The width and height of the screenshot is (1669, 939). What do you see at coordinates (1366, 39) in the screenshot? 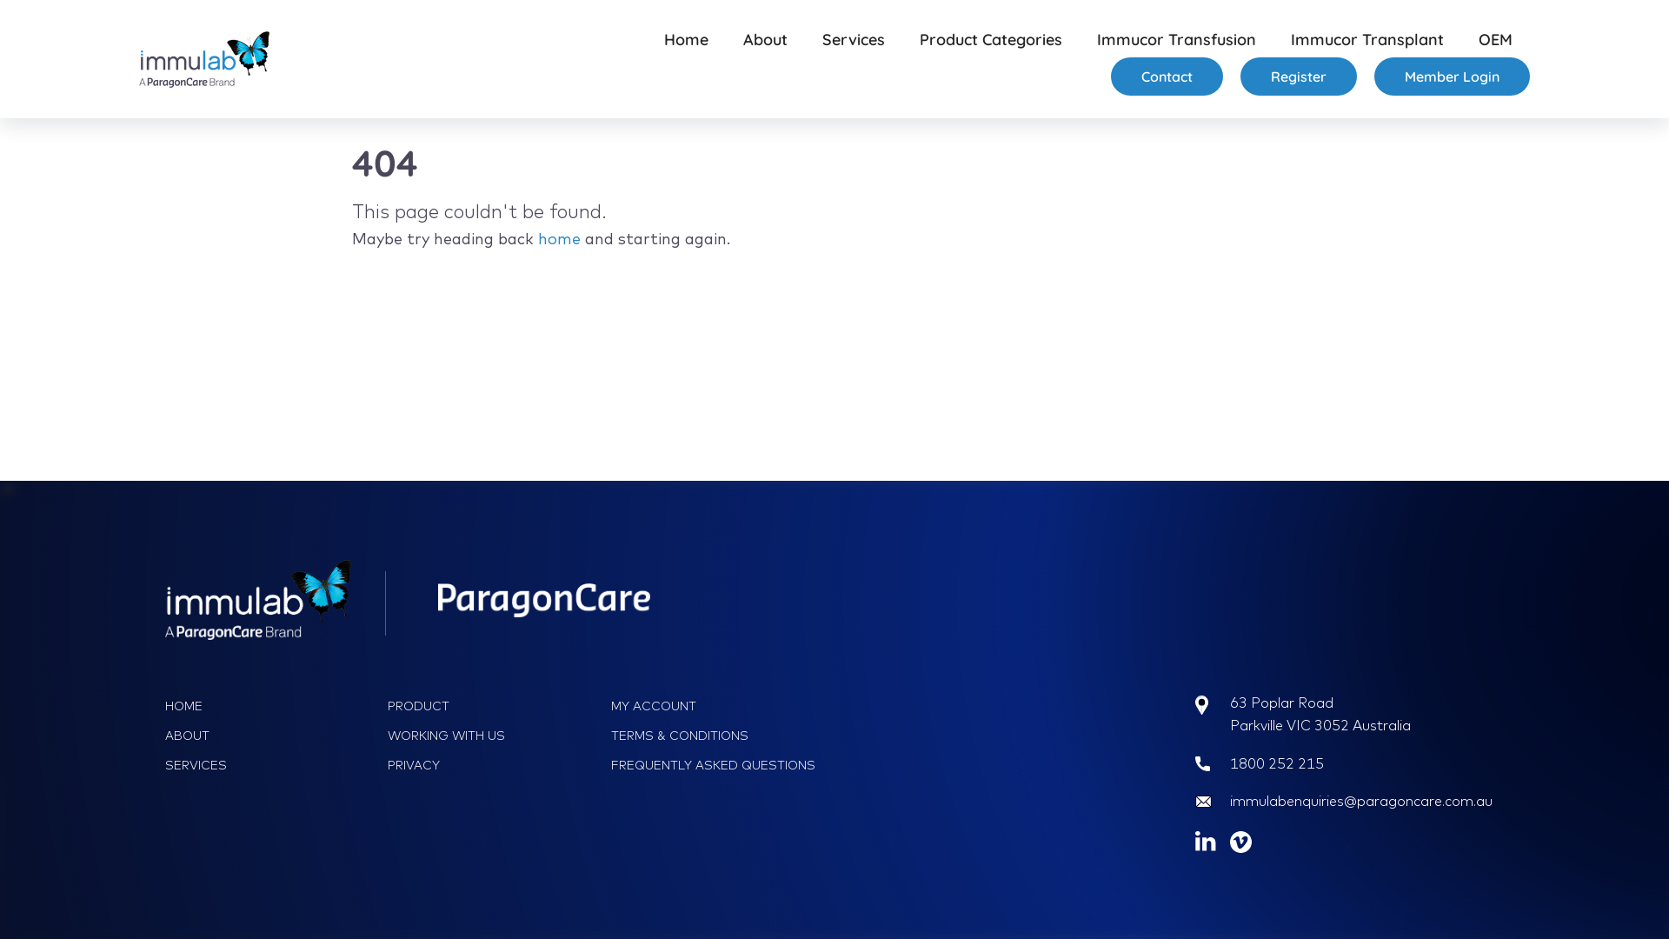
I see `'Immucor Transplant'` at bounding box center [1366, 39].